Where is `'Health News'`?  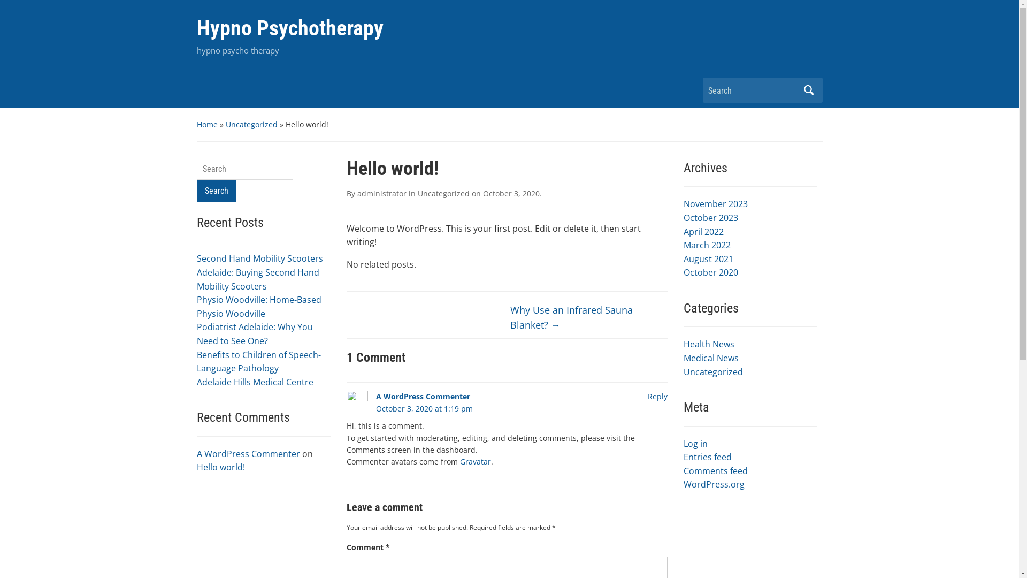 'Health News' is located at coordinates (683, 344).